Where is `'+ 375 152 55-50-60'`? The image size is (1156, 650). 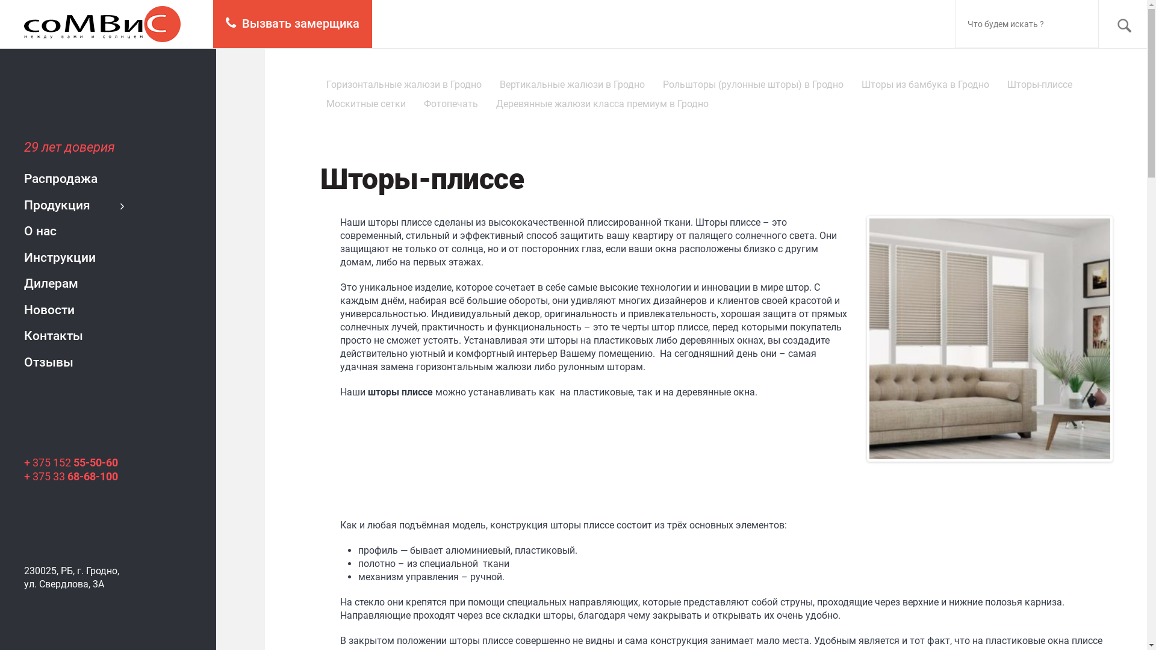 '+ 375 152 55-50-60' is located at coordinates (23, 462).